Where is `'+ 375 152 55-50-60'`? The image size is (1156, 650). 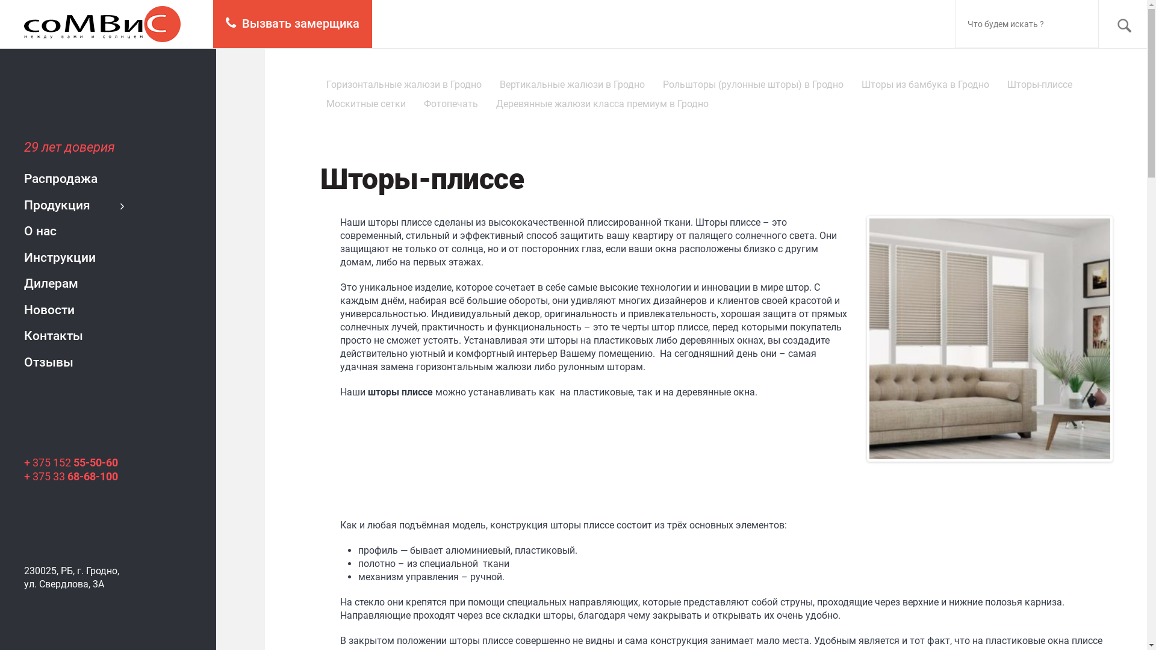 '+ 375 152 55-50-60' is located at coordinates (23, 462).